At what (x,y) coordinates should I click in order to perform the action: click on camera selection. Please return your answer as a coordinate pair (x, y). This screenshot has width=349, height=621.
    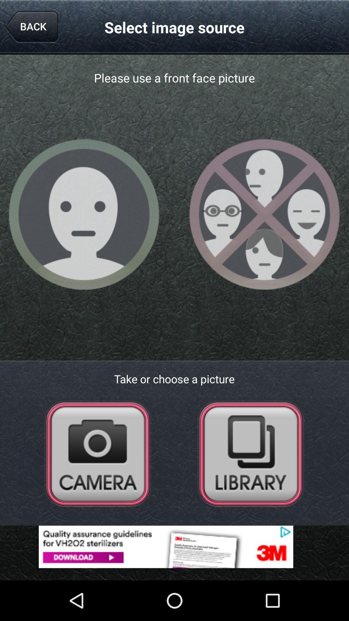
    Looking at the image, I should click on (98, 453).